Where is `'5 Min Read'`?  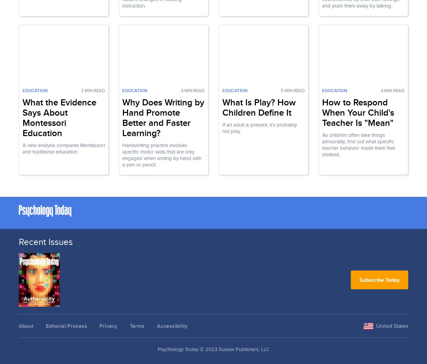 '5 Min Read' is located at coordinates (292, 90).